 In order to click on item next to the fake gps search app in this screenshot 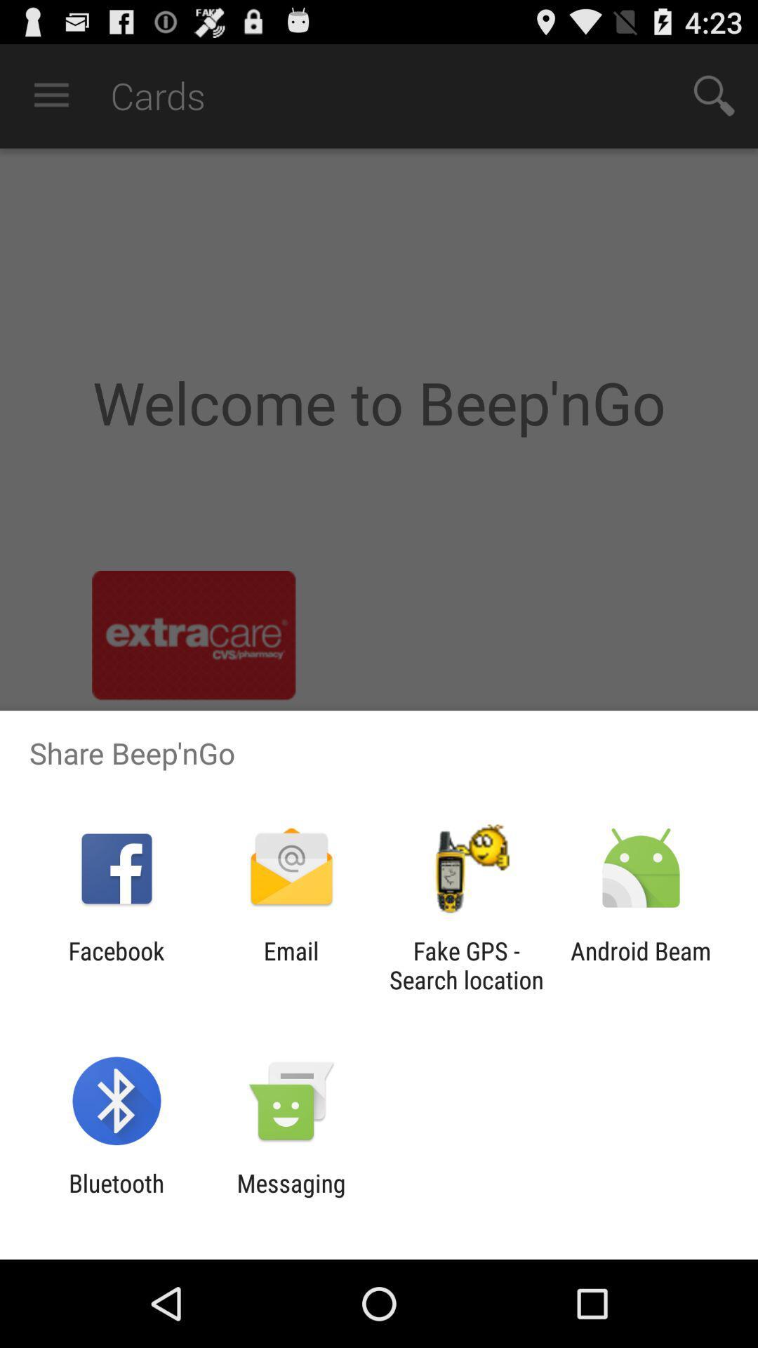, I will do `click(641, 965)`.